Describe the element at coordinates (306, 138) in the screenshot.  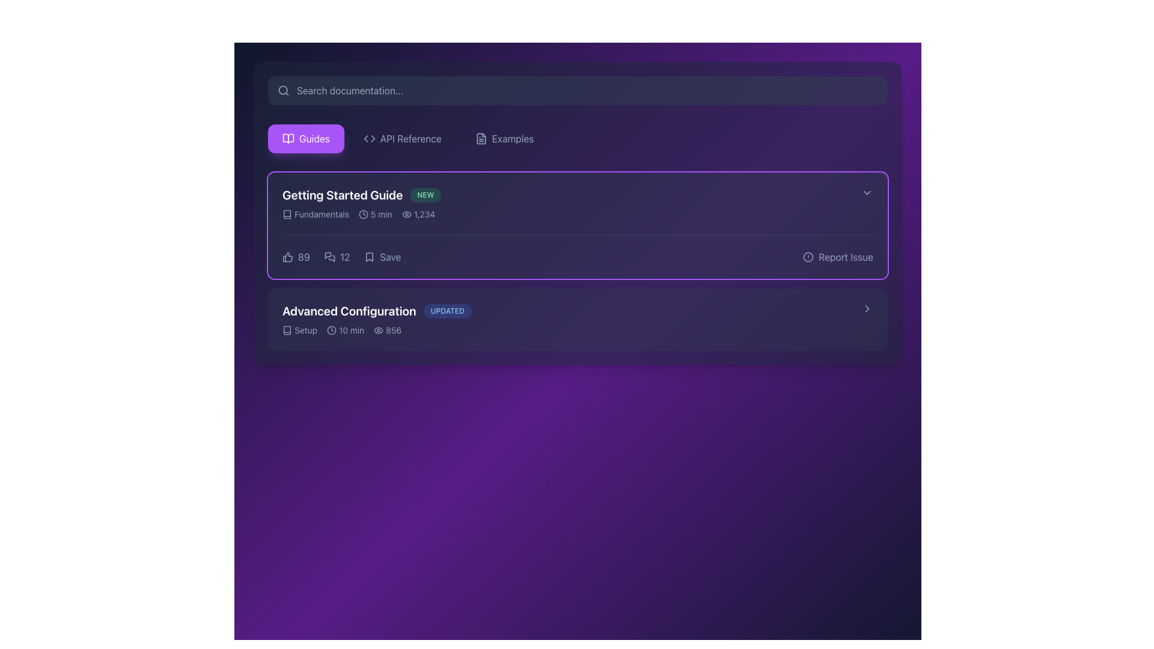
I see `the 'Guides' button, which has a vibrant purple background, rounded corners, and white text` at that location.